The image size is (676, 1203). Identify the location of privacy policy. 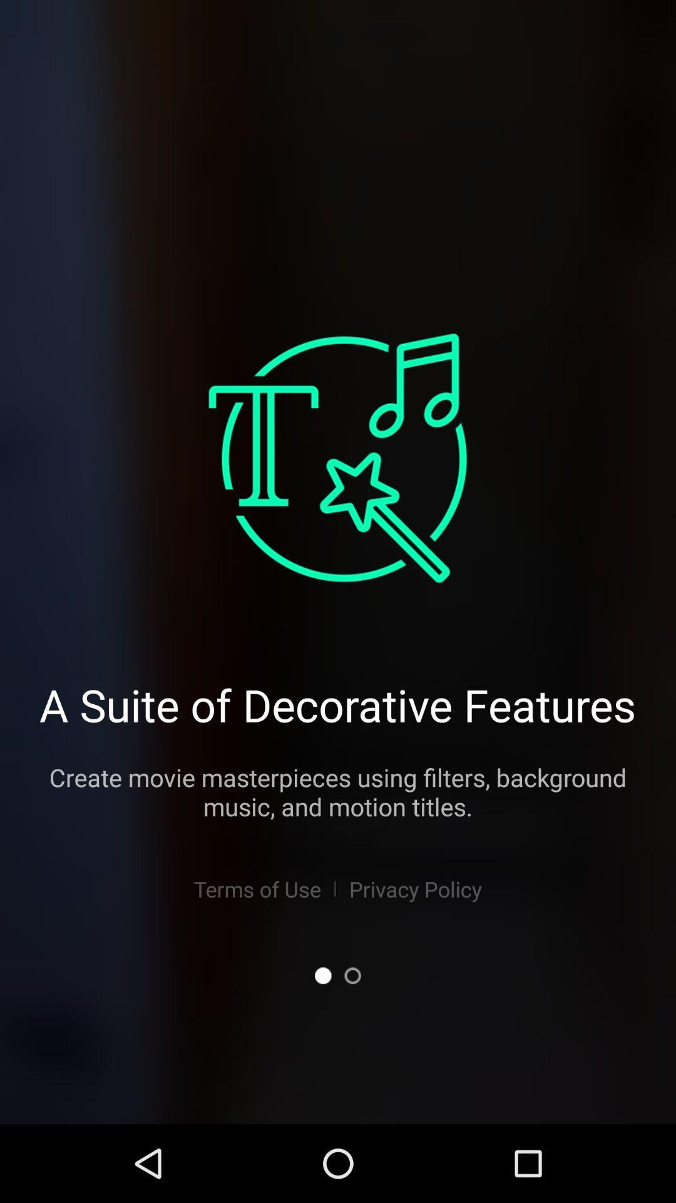
(416, 888).